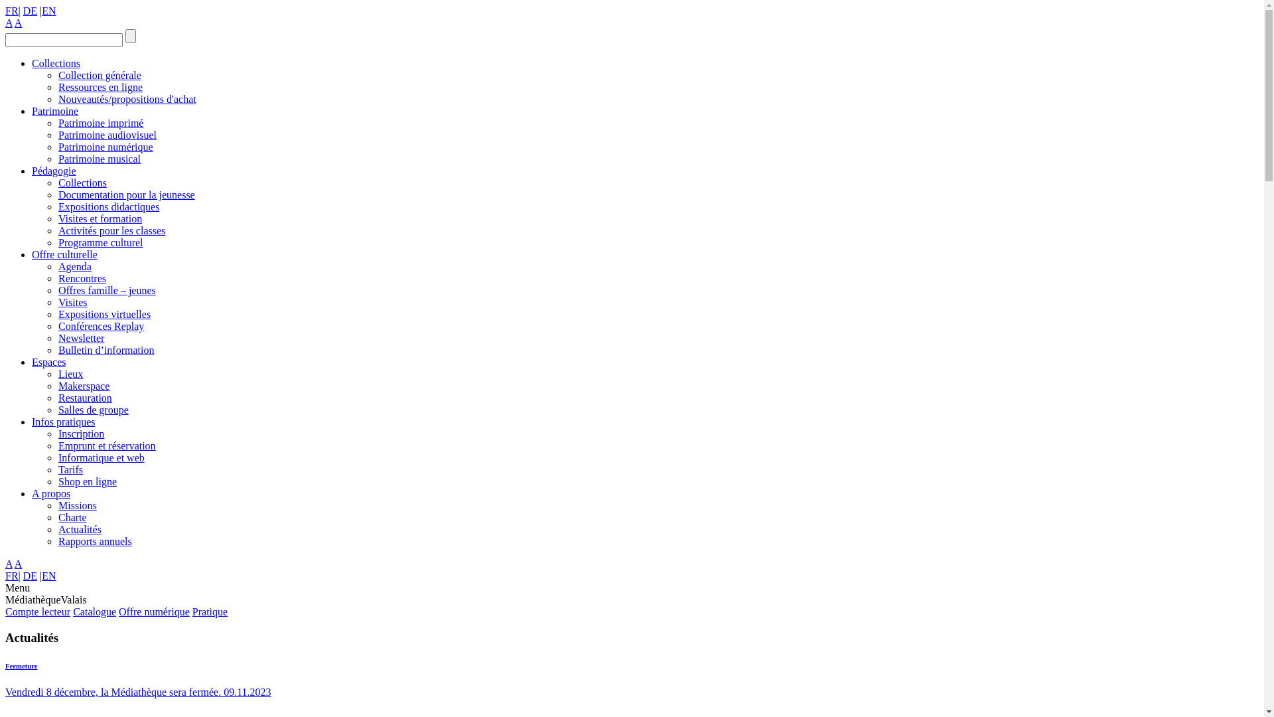 Image resolution: width=1274 pixels, height=717 pixels. What do you see at coordinates (107, 135) in the screenshot?
I see `'Patrimoine audiovisuel'` at bounding box center [107, 135].